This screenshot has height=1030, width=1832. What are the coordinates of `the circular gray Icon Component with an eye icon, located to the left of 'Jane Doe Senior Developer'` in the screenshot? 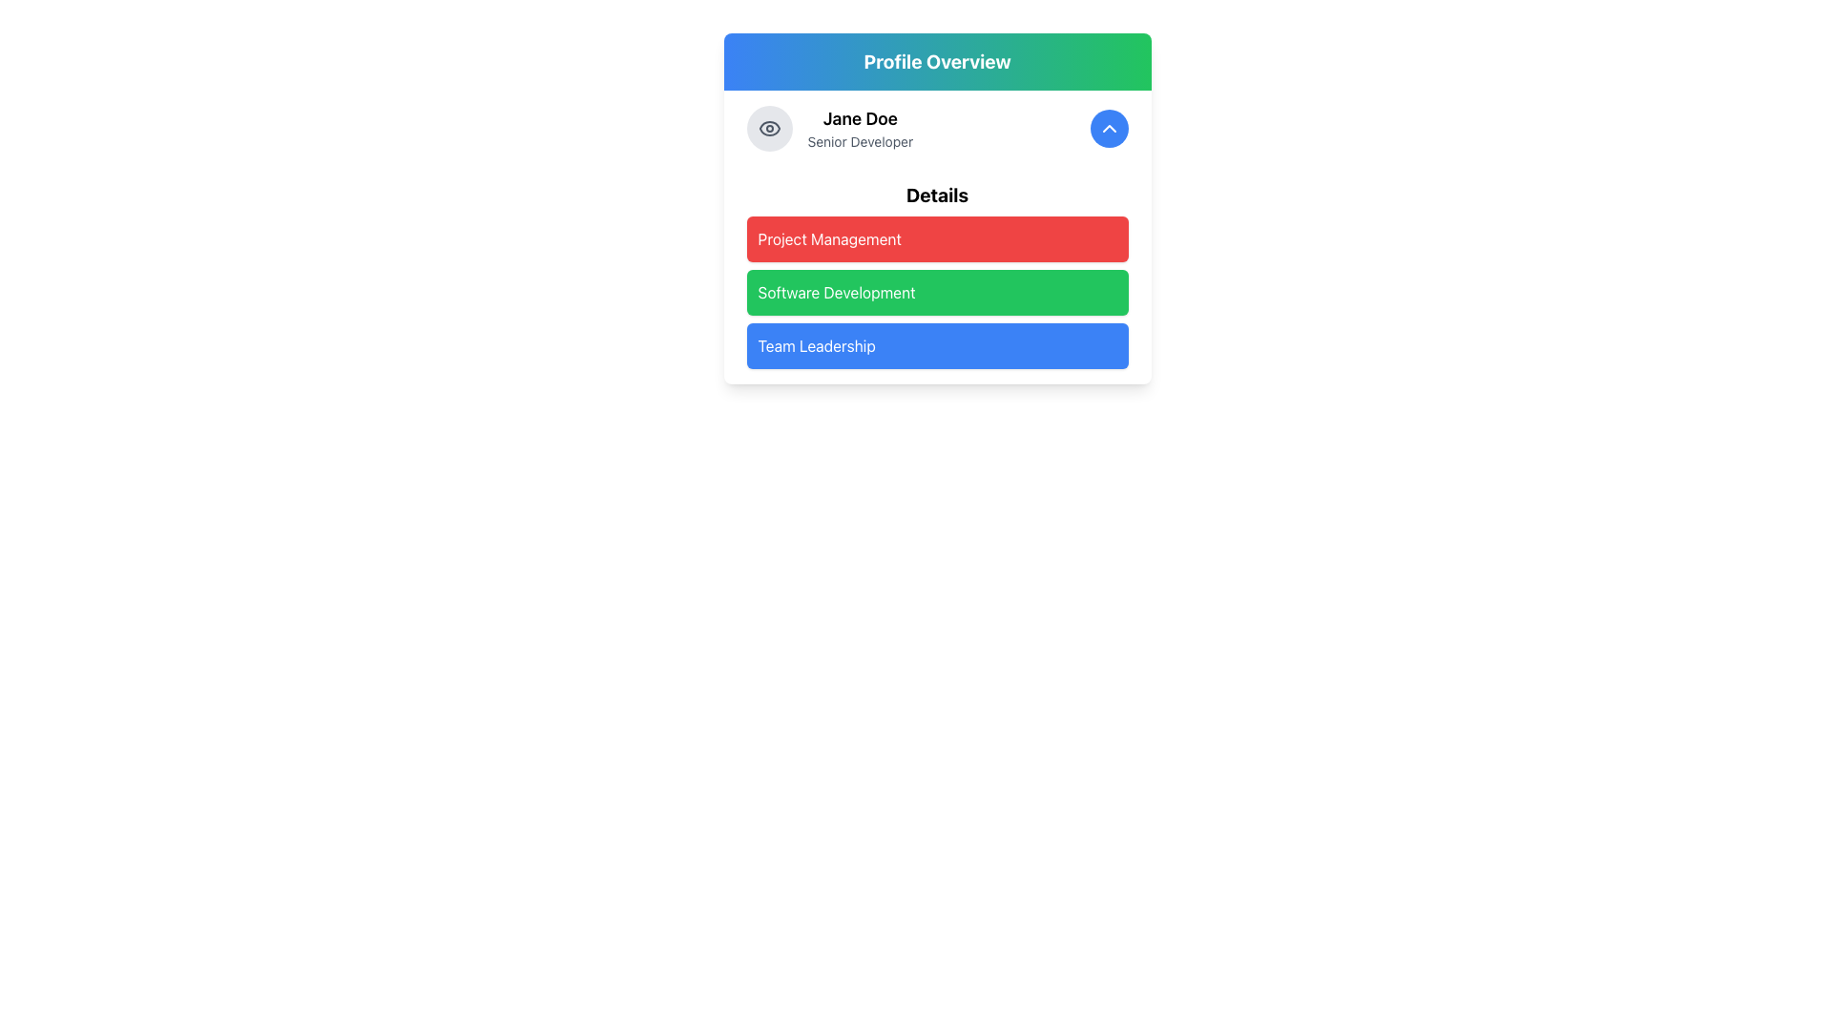 It's located at (769, 129).